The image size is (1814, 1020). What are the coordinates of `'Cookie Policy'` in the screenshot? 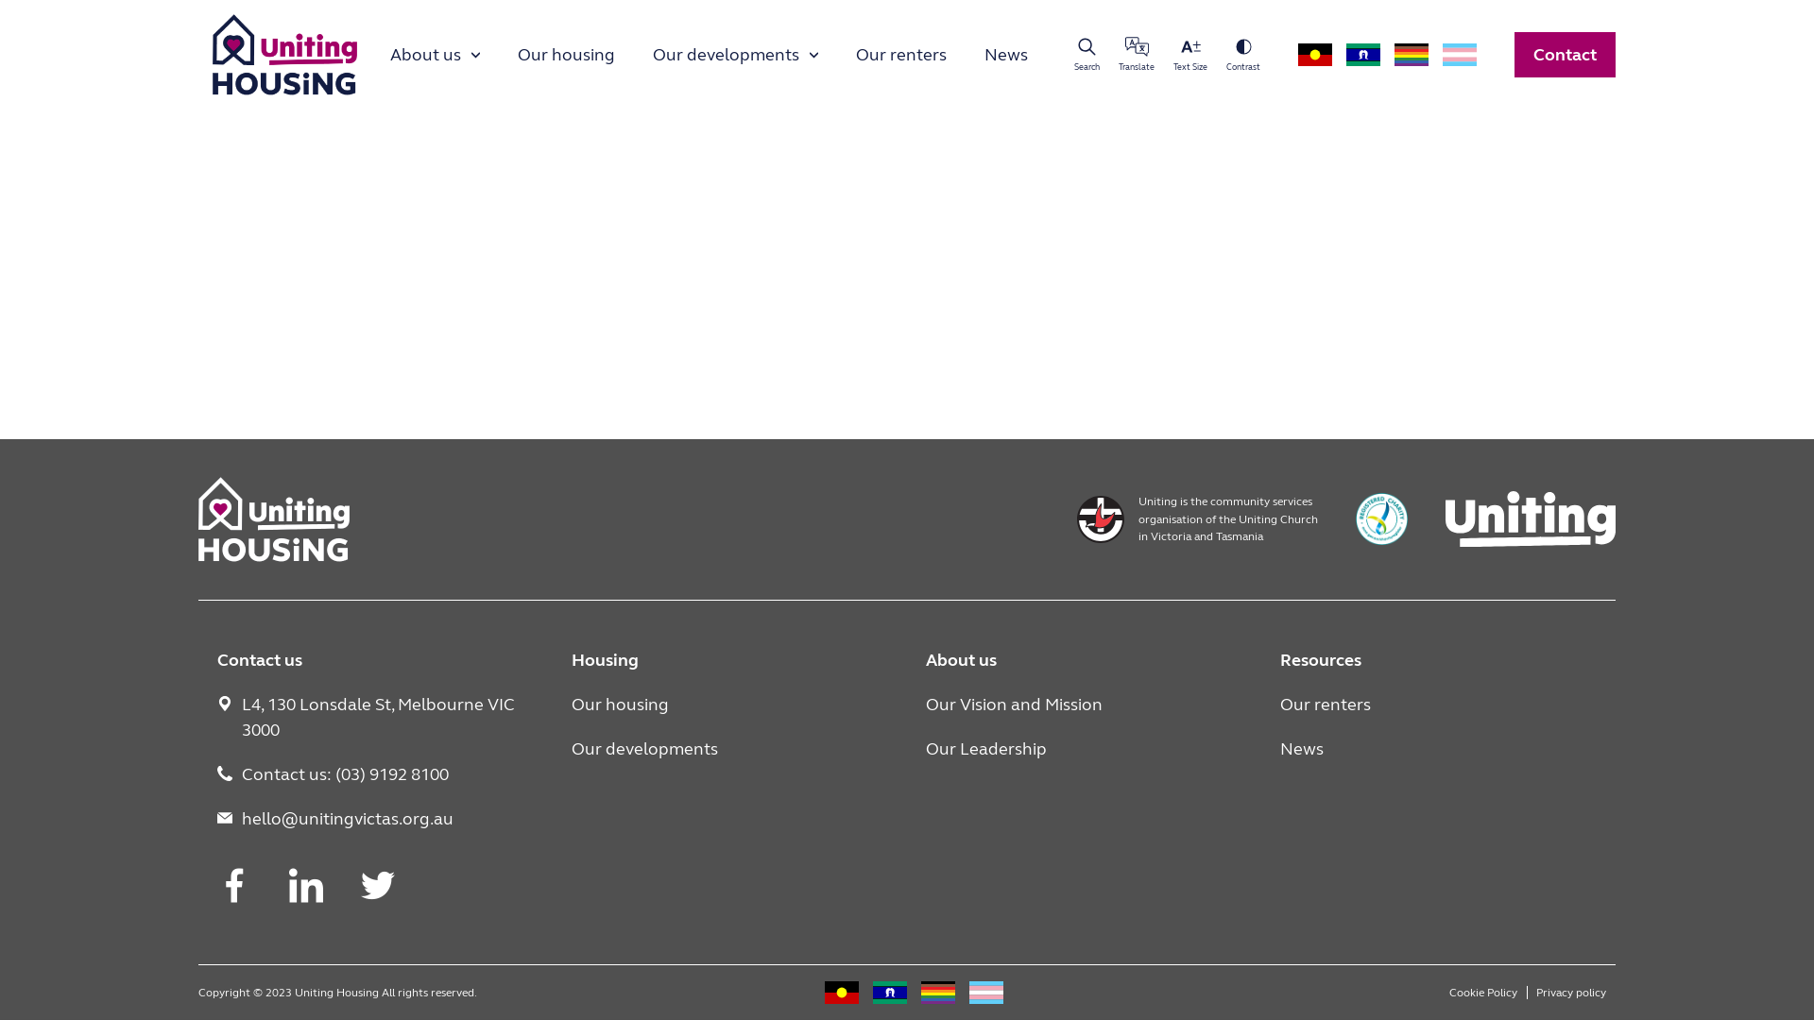 It's located at (1481, 991).